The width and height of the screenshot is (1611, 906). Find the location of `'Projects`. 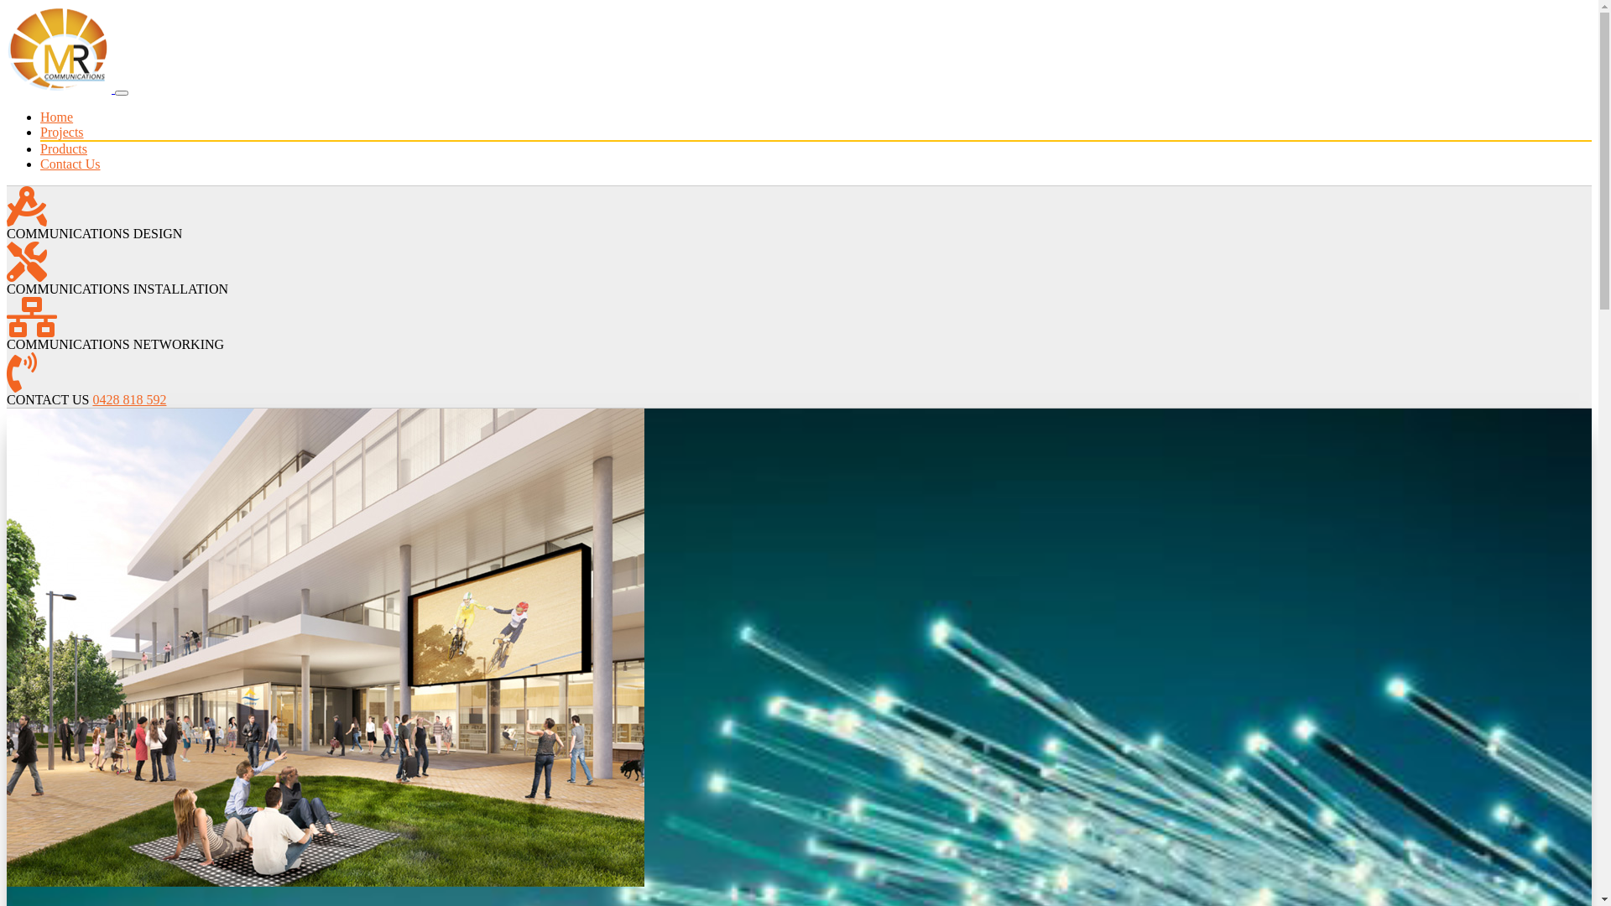

'Projects is located at coordinates (61, 131).